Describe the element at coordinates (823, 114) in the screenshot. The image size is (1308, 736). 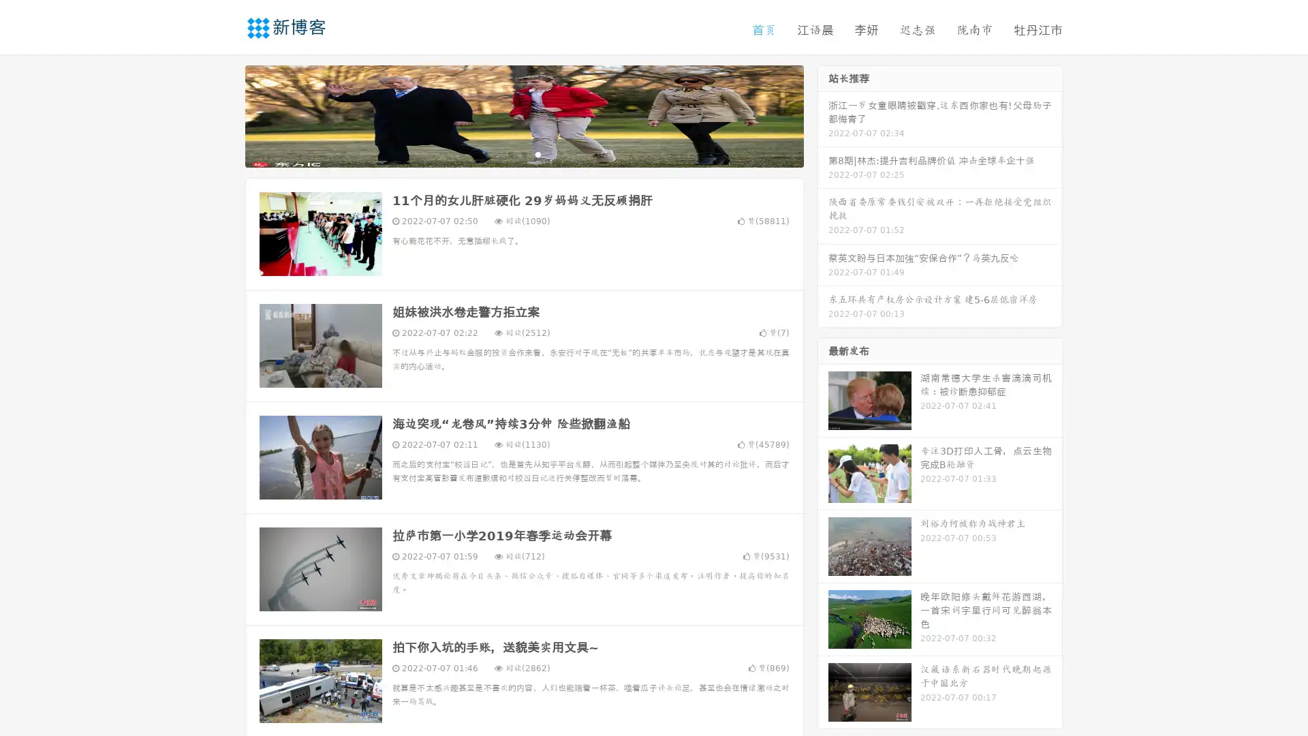
I see `Next slide` at that location.